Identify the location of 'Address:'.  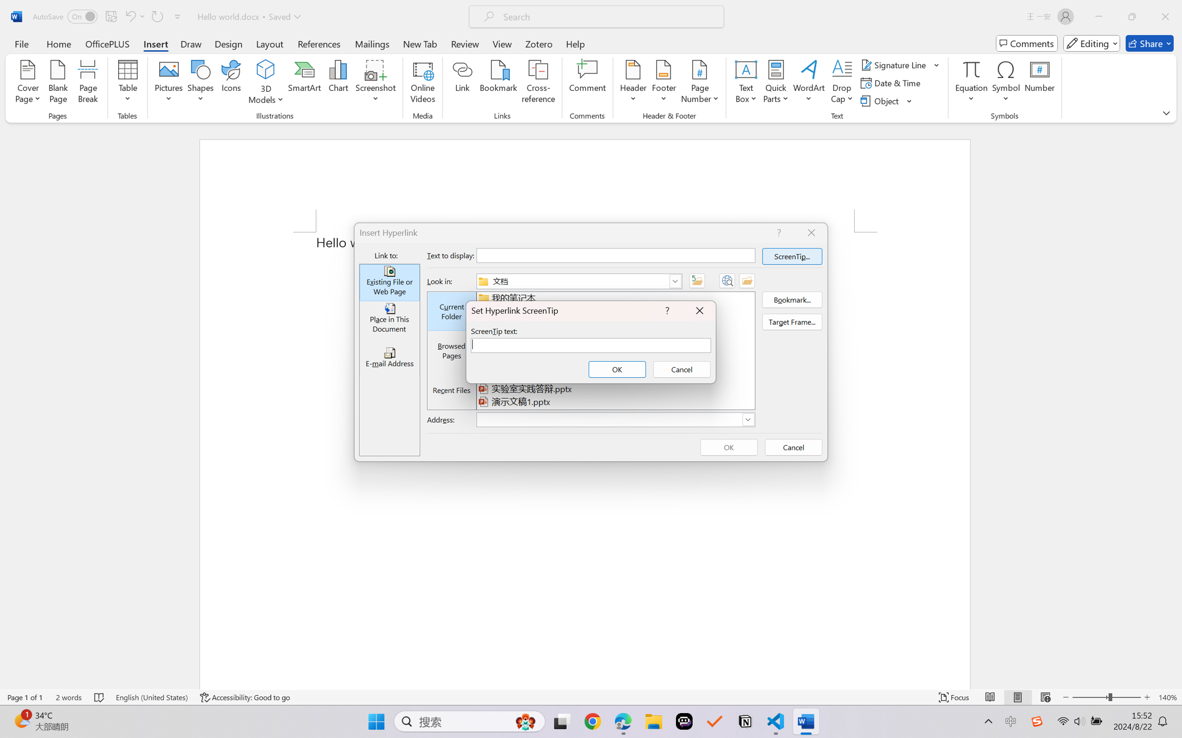
(615, 419).